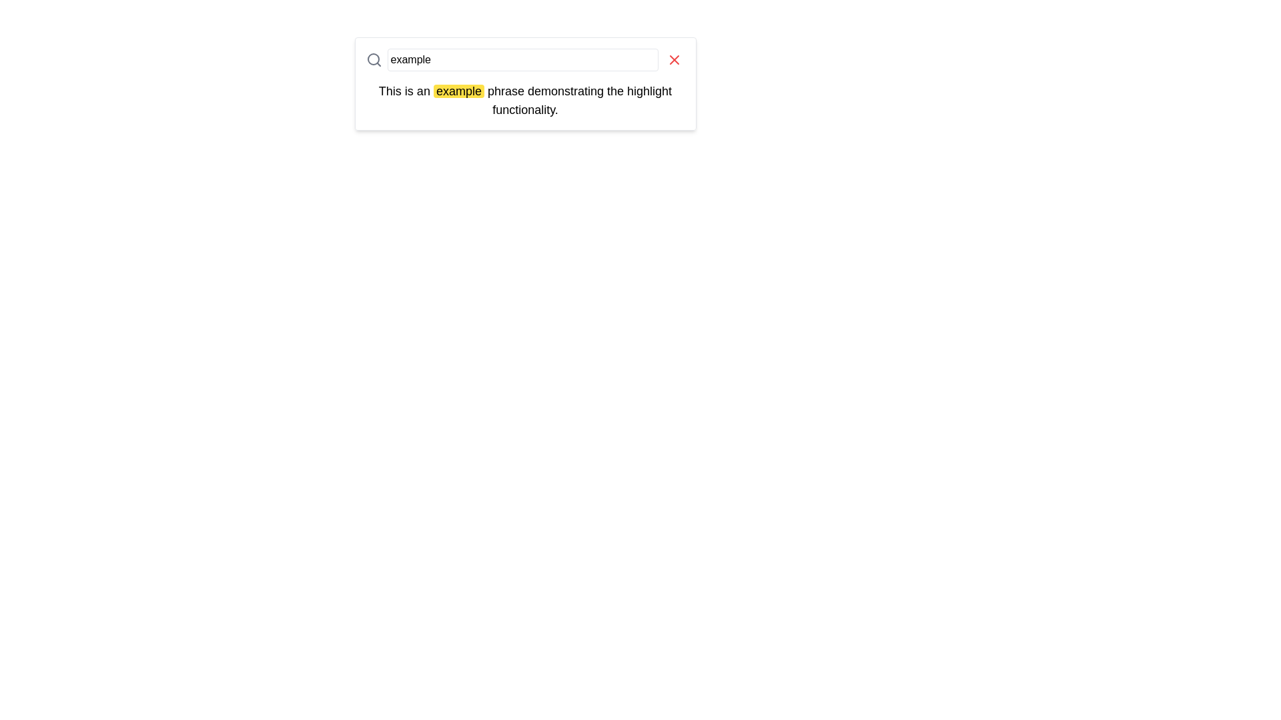 The width and height of the screenshot is (1281, 720). I want to click on SVG Circle element representing the magnifying glass icon located near the left side of the search text box by opening the developer tools, so click(373, 58).